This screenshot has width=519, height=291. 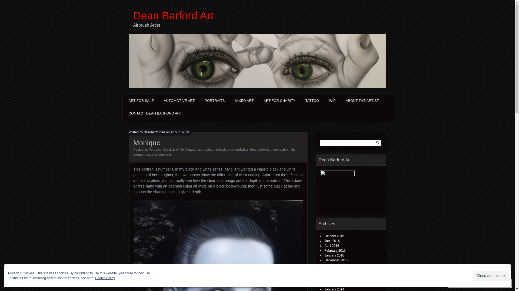 I want to click on 'February 2014', so click(x=334, y=284).